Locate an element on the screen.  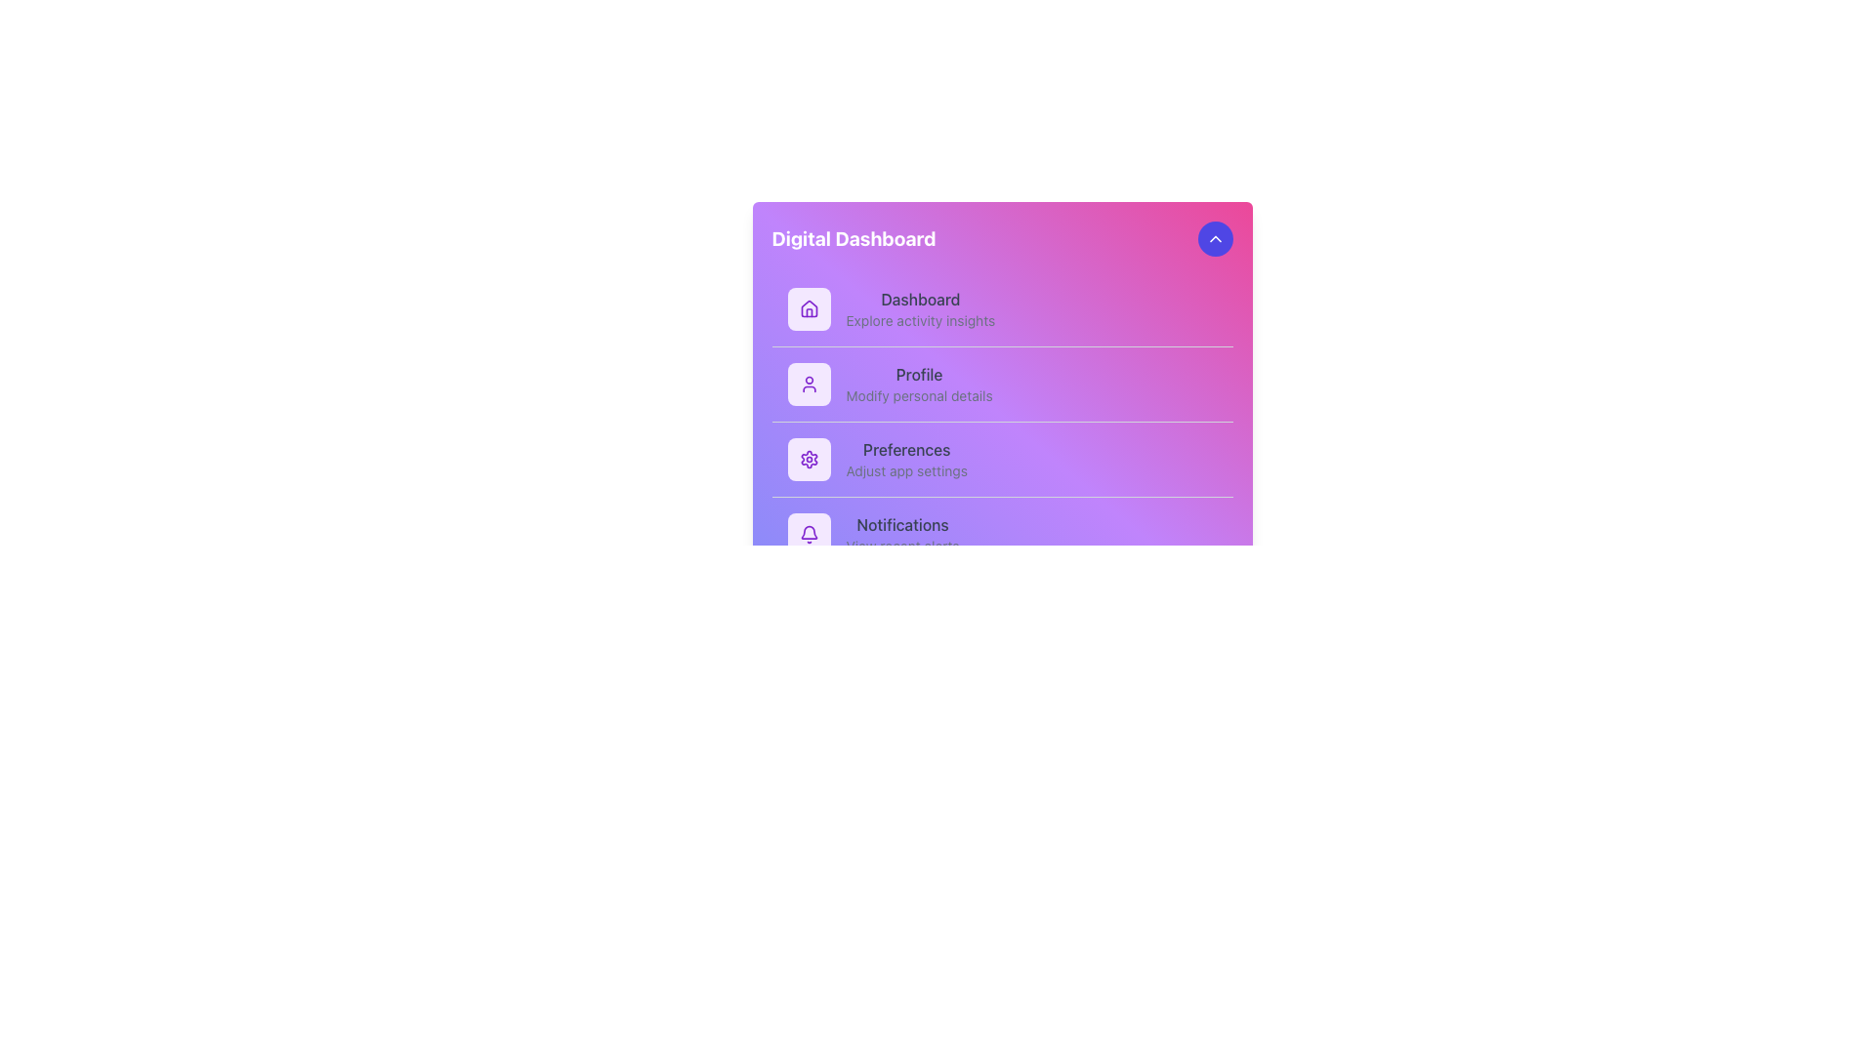
the static text element displaying 'View recent alerts', which is located directly beneath the 'Notifications' label in a vertically stacked menu on the right side of the UI is located at coordinates (901, 546).